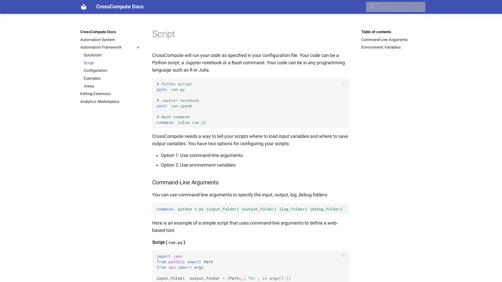 The image size is (502, 282). Describe the element at coordinates (344, 208) in the screenshot. I see `Copy to clipboard` at that location.